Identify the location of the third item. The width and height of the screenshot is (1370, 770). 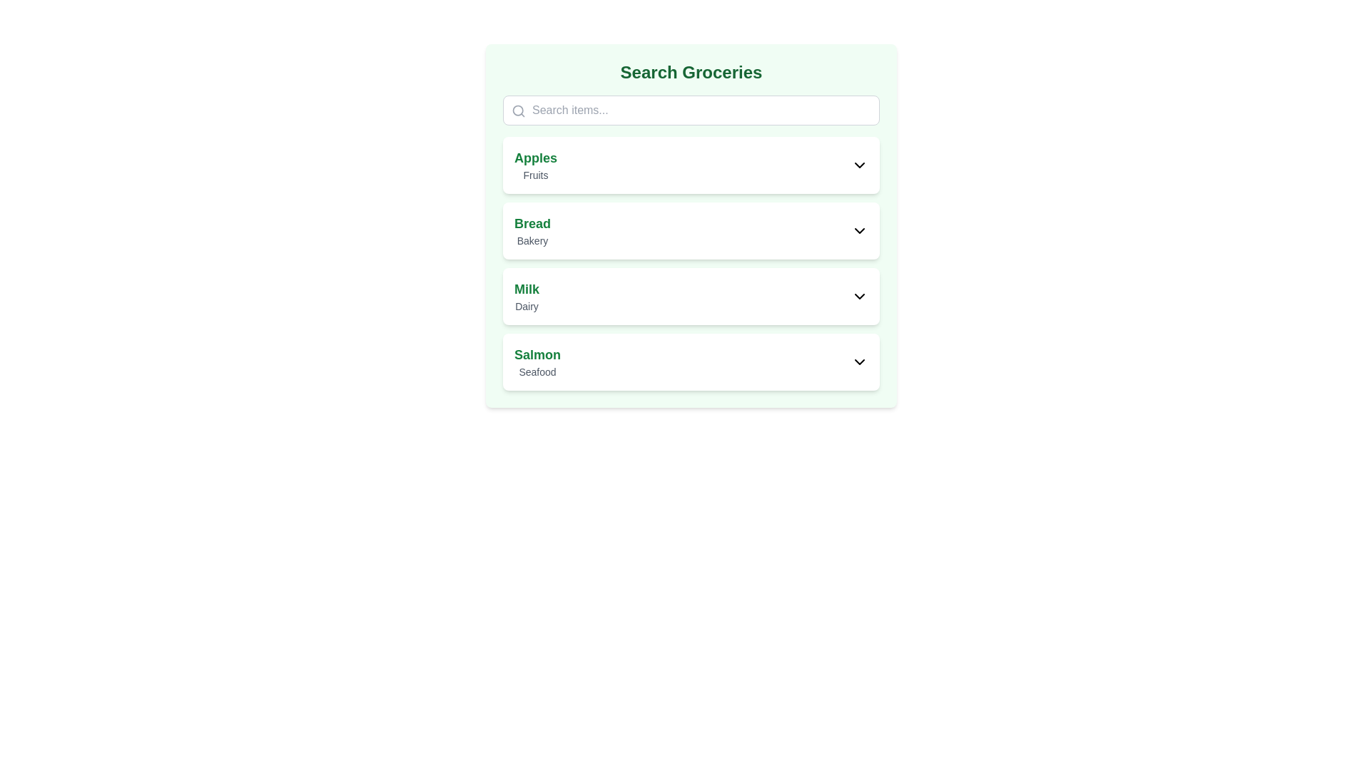
(691, 264).